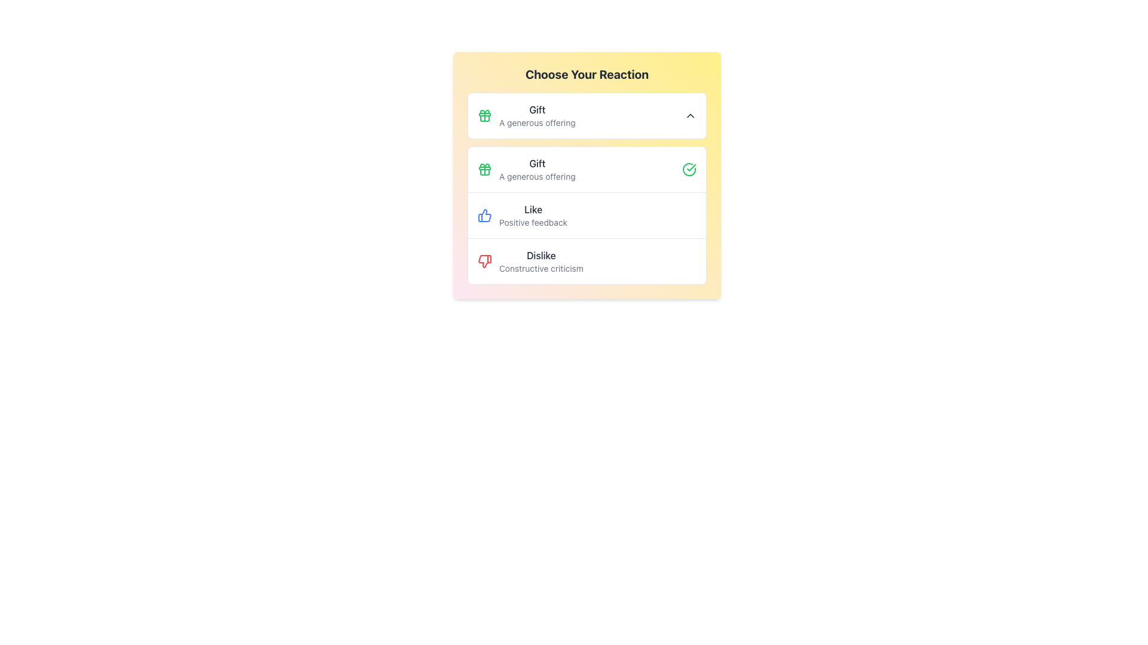 The height and width of the screenshot is (645, 1148). Describe the element at coordinates (485, 216) in the screenshot. I see `the 'Like' graphic icon located in the leftmost area of the reaction menu, which visually precedes the text labels 'Like' and 'Positive feedback'` at that location.